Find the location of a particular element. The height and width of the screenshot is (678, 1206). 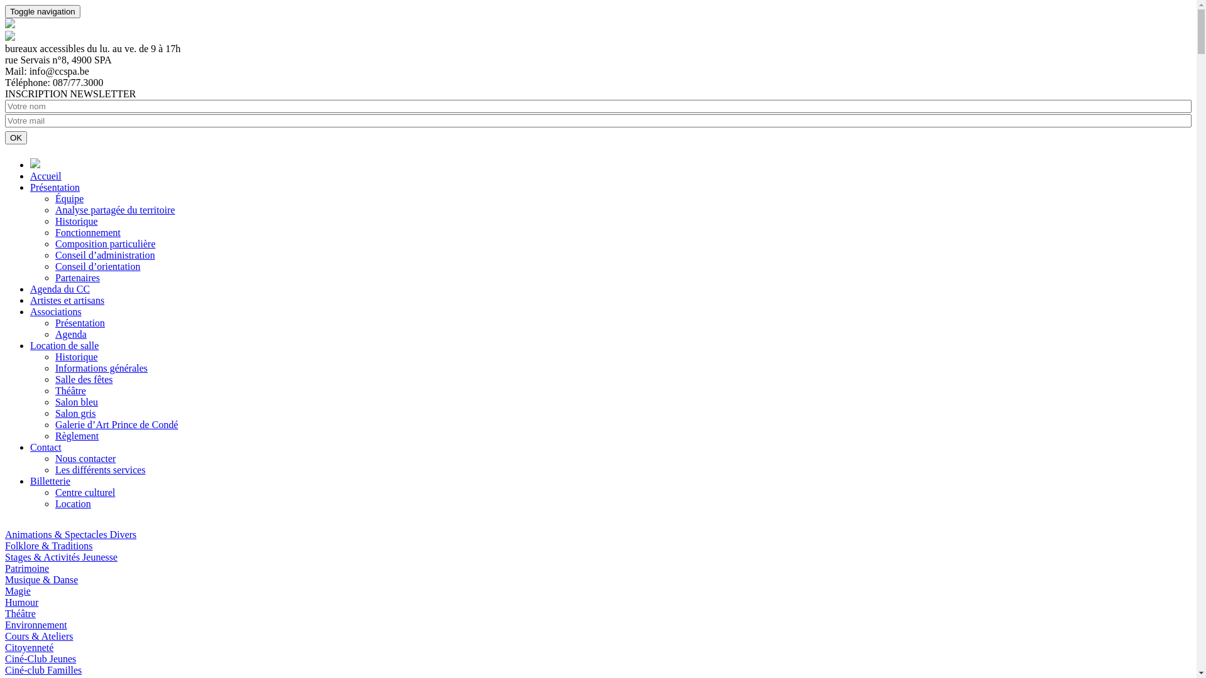

'CENTRE CULTUREL SPA-JALHAY-STOUMONT' is located at coordinates (5, 24).